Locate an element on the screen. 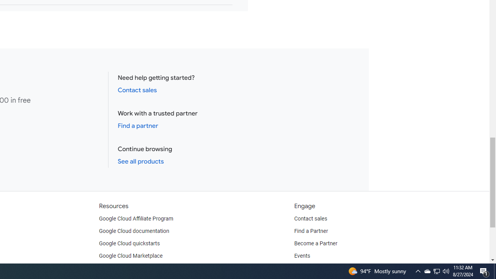 Image resolution: width=496 pixels, height=279 pixels. 'Google Cloud Affiliate Program' is located at coordinates (136, 219).